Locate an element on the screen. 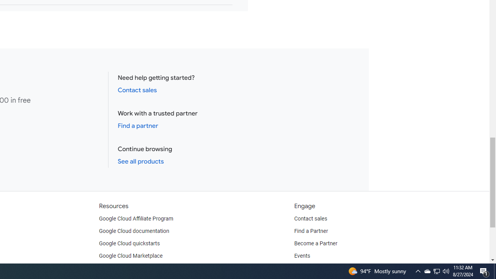 Image resolution: width=496 pixels, height=279 pixels. 'Google Cloud Affiliate Program' is located at coordinates (136, 219).